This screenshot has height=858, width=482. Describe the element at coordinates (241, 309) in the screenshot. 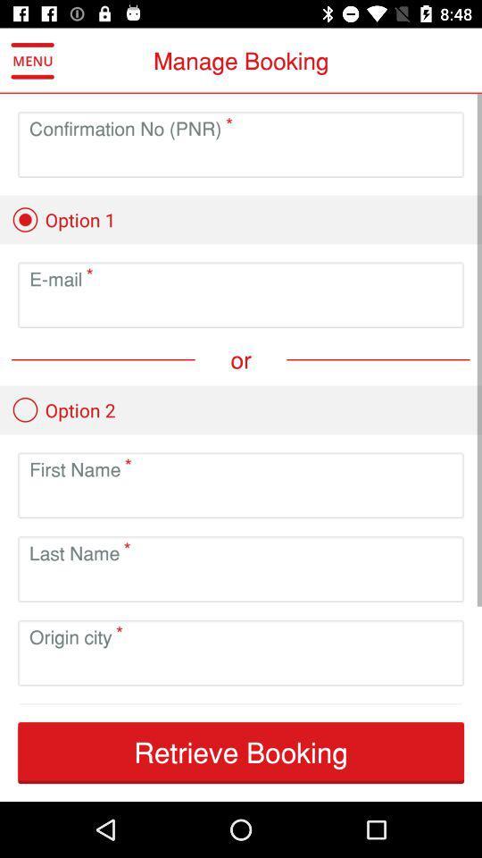

I see `your email address` at that location.